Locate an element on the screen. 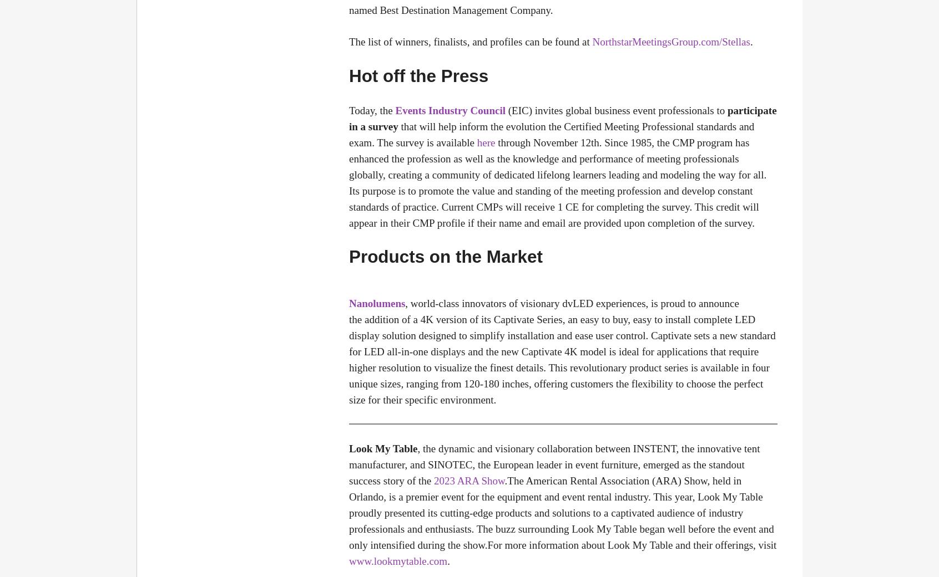 Image resolution: width=939 pixels, height=577 pixels. 'Hot off the Press' is located at coordinates (418, 75).